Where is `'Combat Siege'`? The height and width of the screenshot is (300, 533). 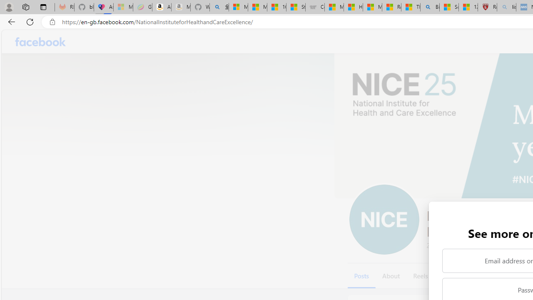
'Combat Siege' is located at coordinates (314, 7).